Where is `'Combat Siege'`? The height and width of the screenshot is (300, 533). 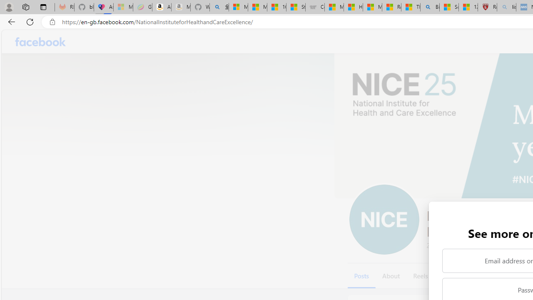
'Combat Siege' is located at coordinates (314, 7).